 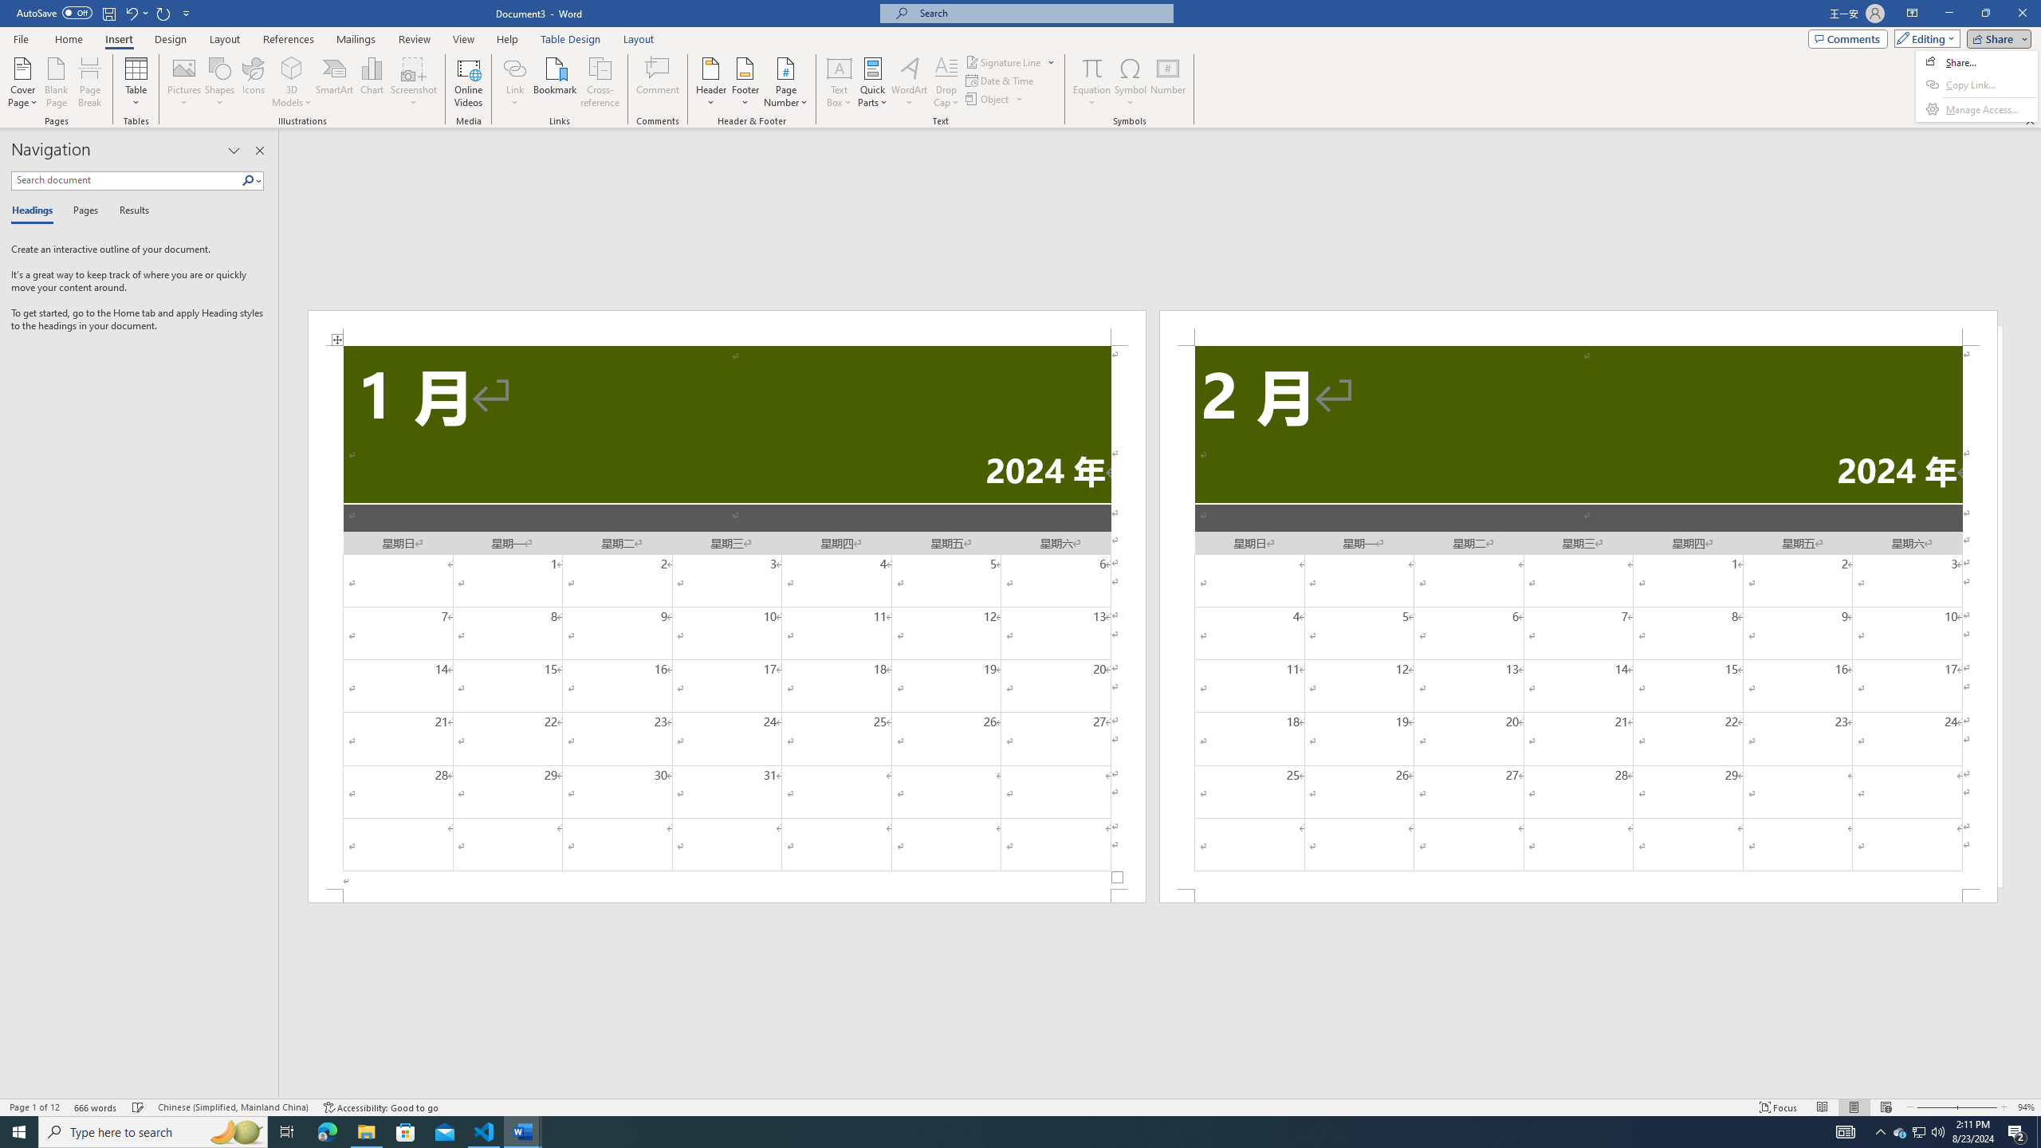 What do you see at coordinates (1131, 82) in the screenshot?
I see `'Symbol'` at bounding box center [1131, 82].